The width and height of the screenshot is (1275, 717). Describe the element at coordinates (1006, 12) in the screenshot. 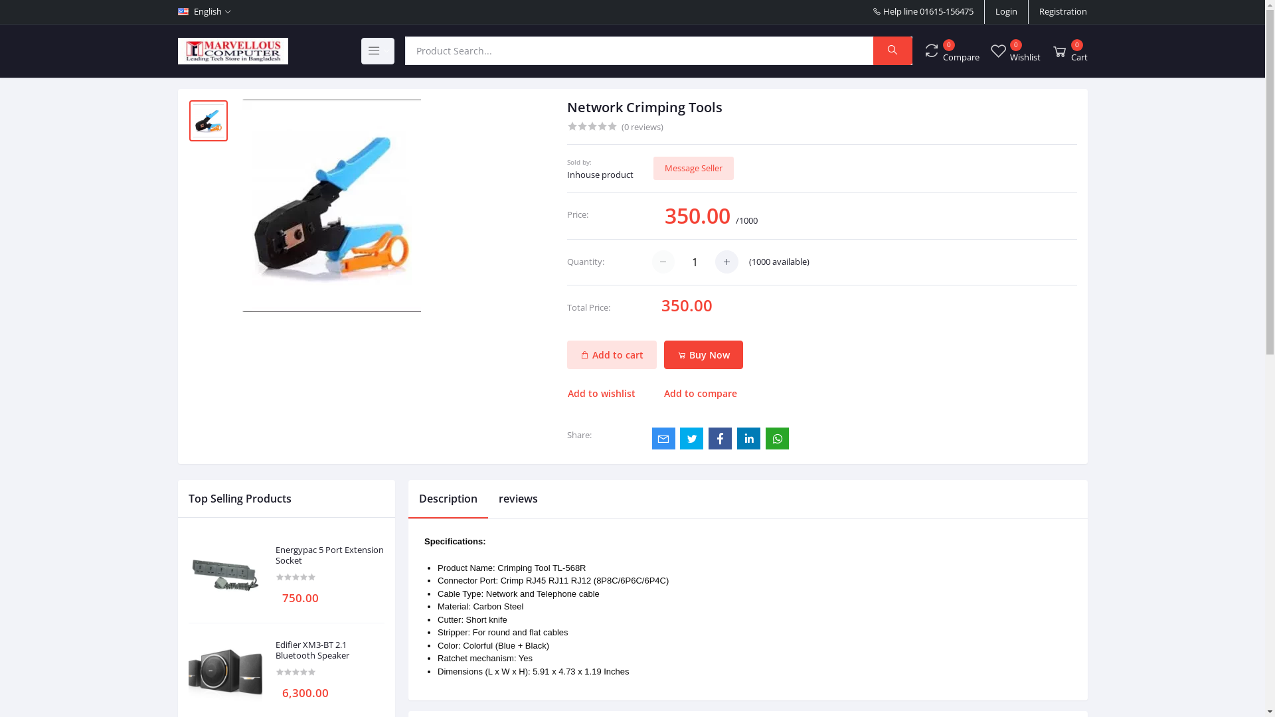

I see `'Login'` at that location.